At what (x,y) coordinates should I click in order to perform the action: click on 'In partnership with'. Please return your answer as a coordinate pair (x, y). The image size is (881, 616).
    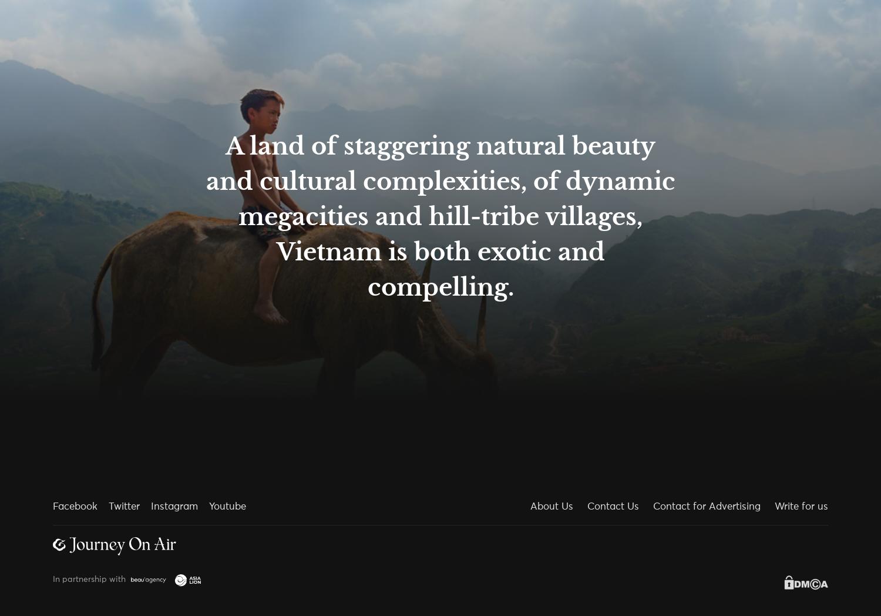
    Looking at the image, I should click on (90, 578).